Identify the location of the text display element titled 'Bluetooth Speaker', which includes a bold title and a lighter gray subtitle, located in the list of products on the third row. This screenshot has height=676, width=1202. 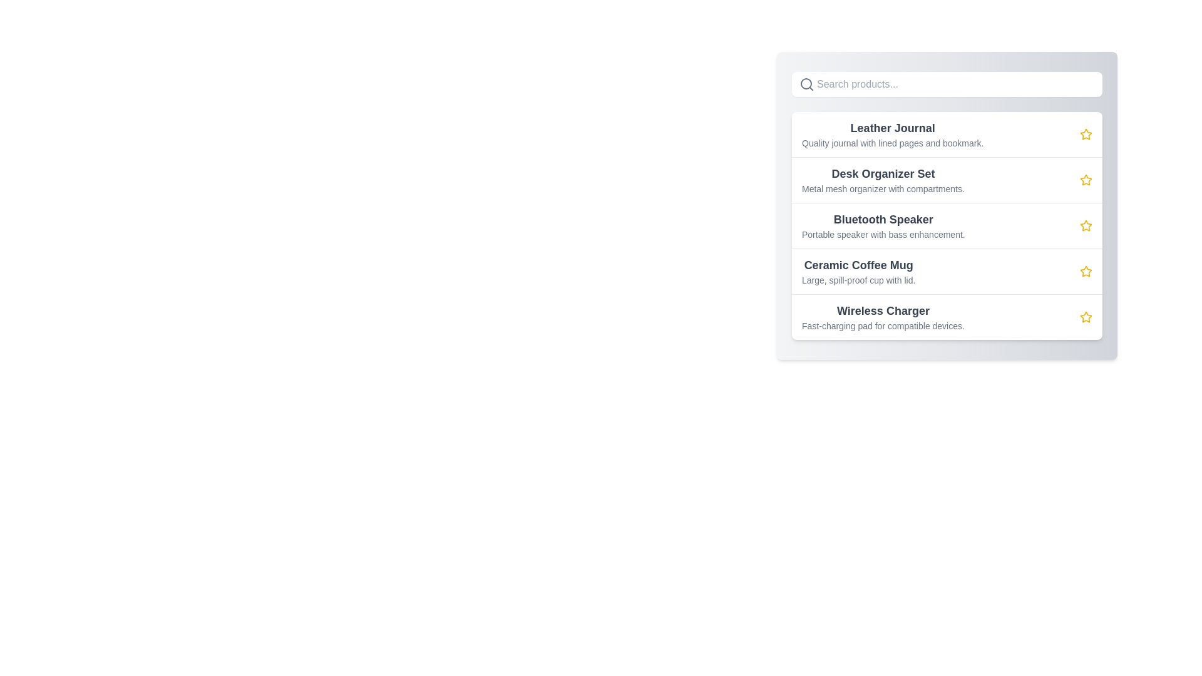
(883, 226).